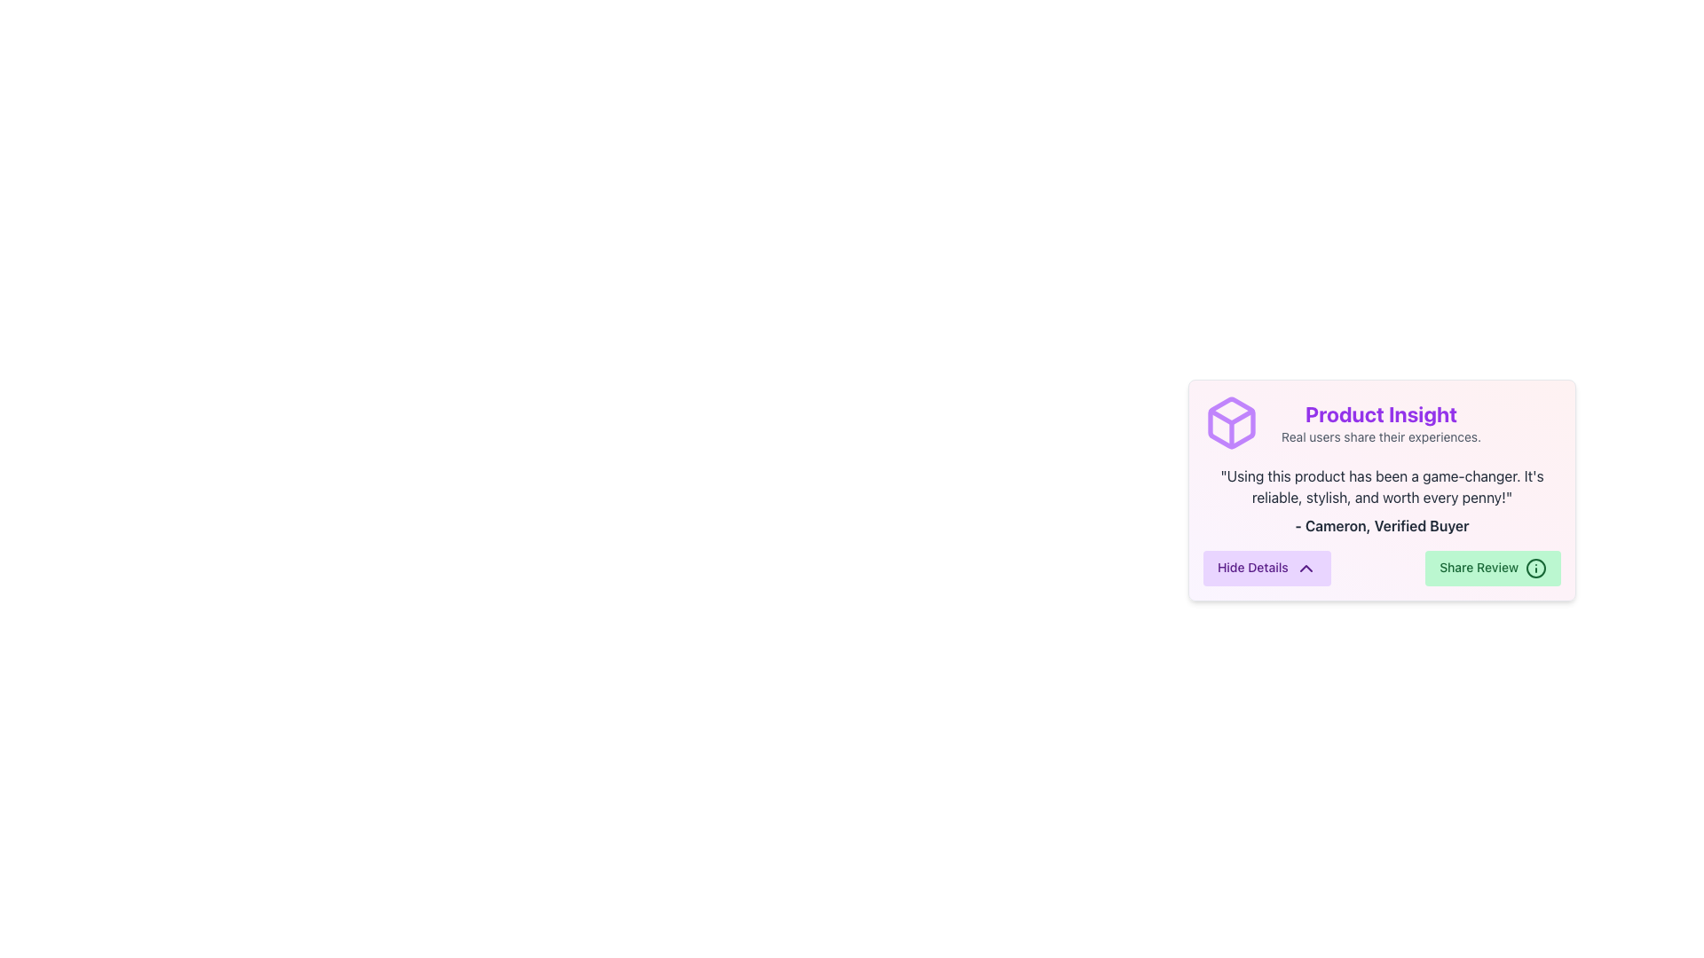  Describe the element at coordinates (1380, 423) in the screenshot. I see `the Text Block that contains the bold, purple header 'Product Insight' and the smaller grey subtext 'Real users share their experiences.'` at that location.